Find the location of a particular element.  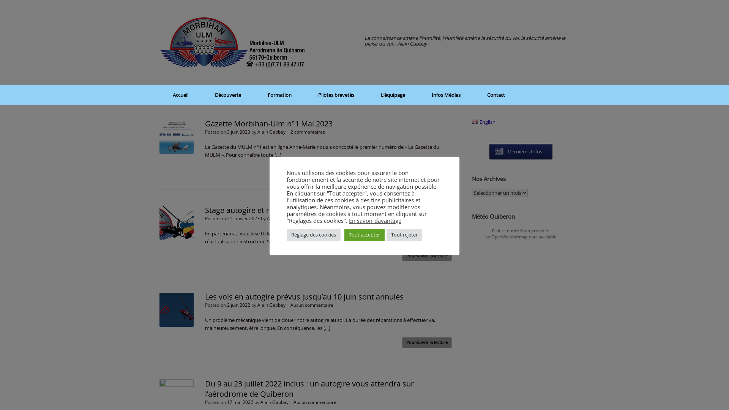

'Aucun commentaire' is located at coordinates (312, 304).